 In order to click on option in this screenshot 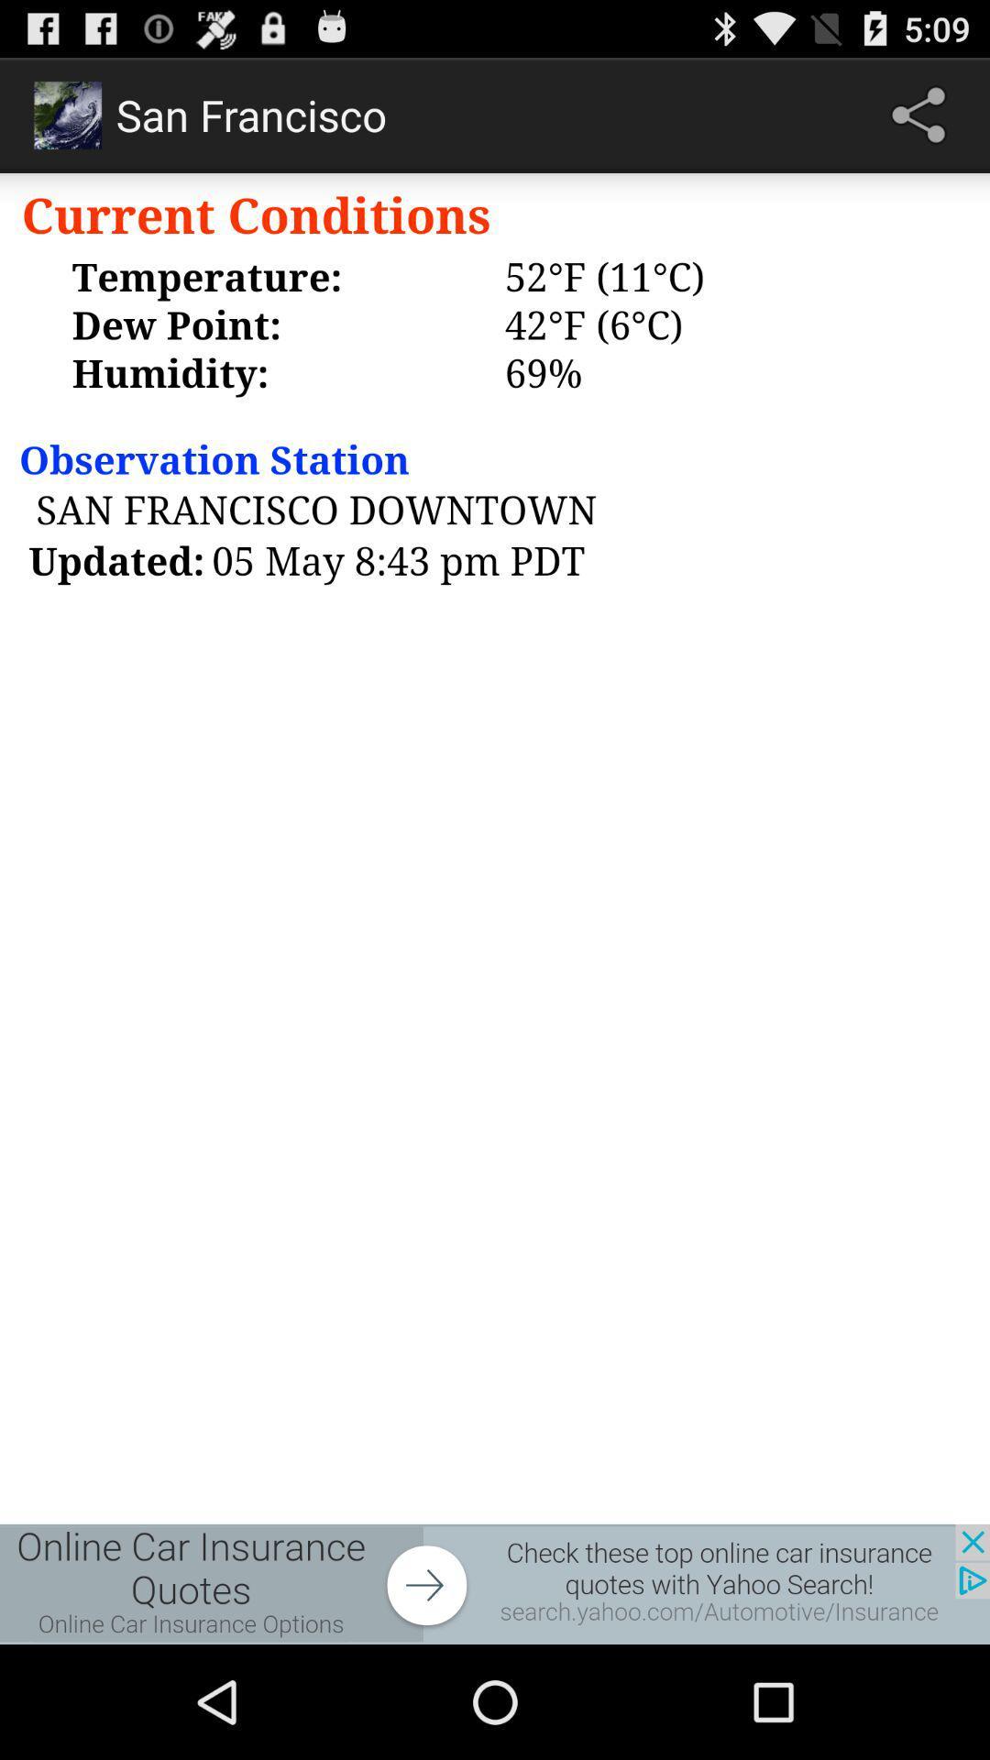, I will do `click(495, 1583)`.